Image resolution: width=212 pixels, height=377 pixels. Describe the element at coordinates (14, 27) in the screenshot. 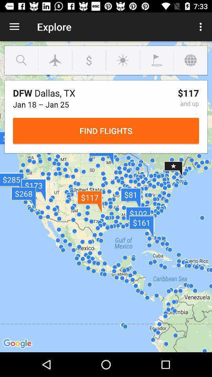

I see `icon to the left of the explore icon` at that location.